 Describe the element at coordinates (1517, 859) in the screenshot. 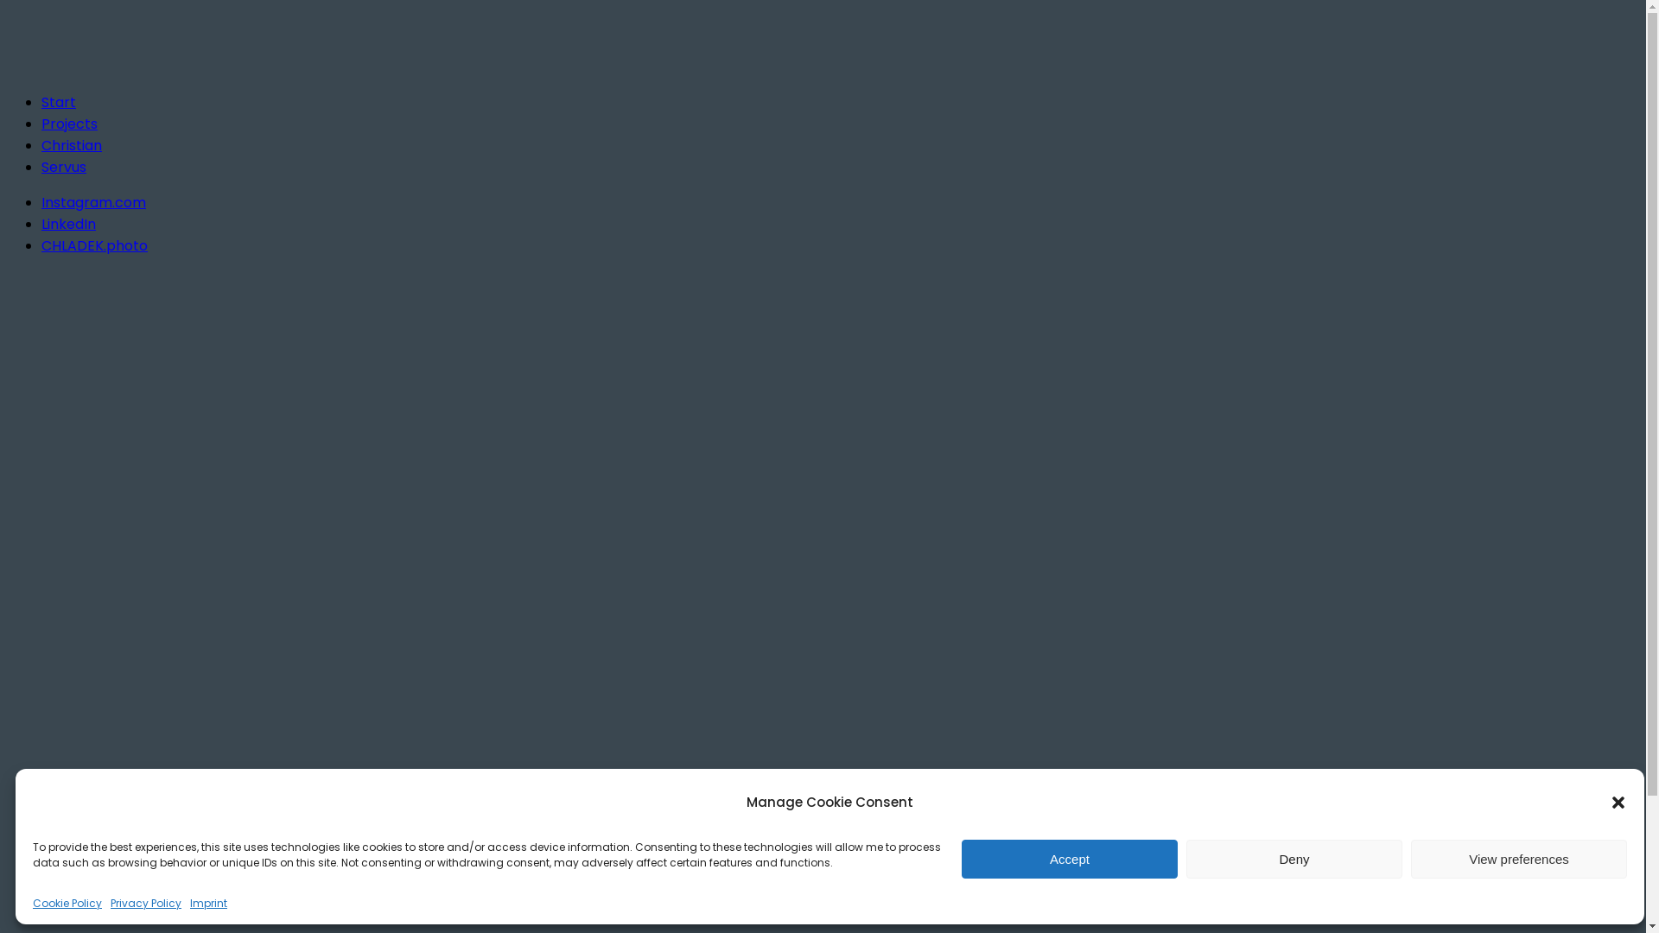

I see `'View preferences'` at that location.